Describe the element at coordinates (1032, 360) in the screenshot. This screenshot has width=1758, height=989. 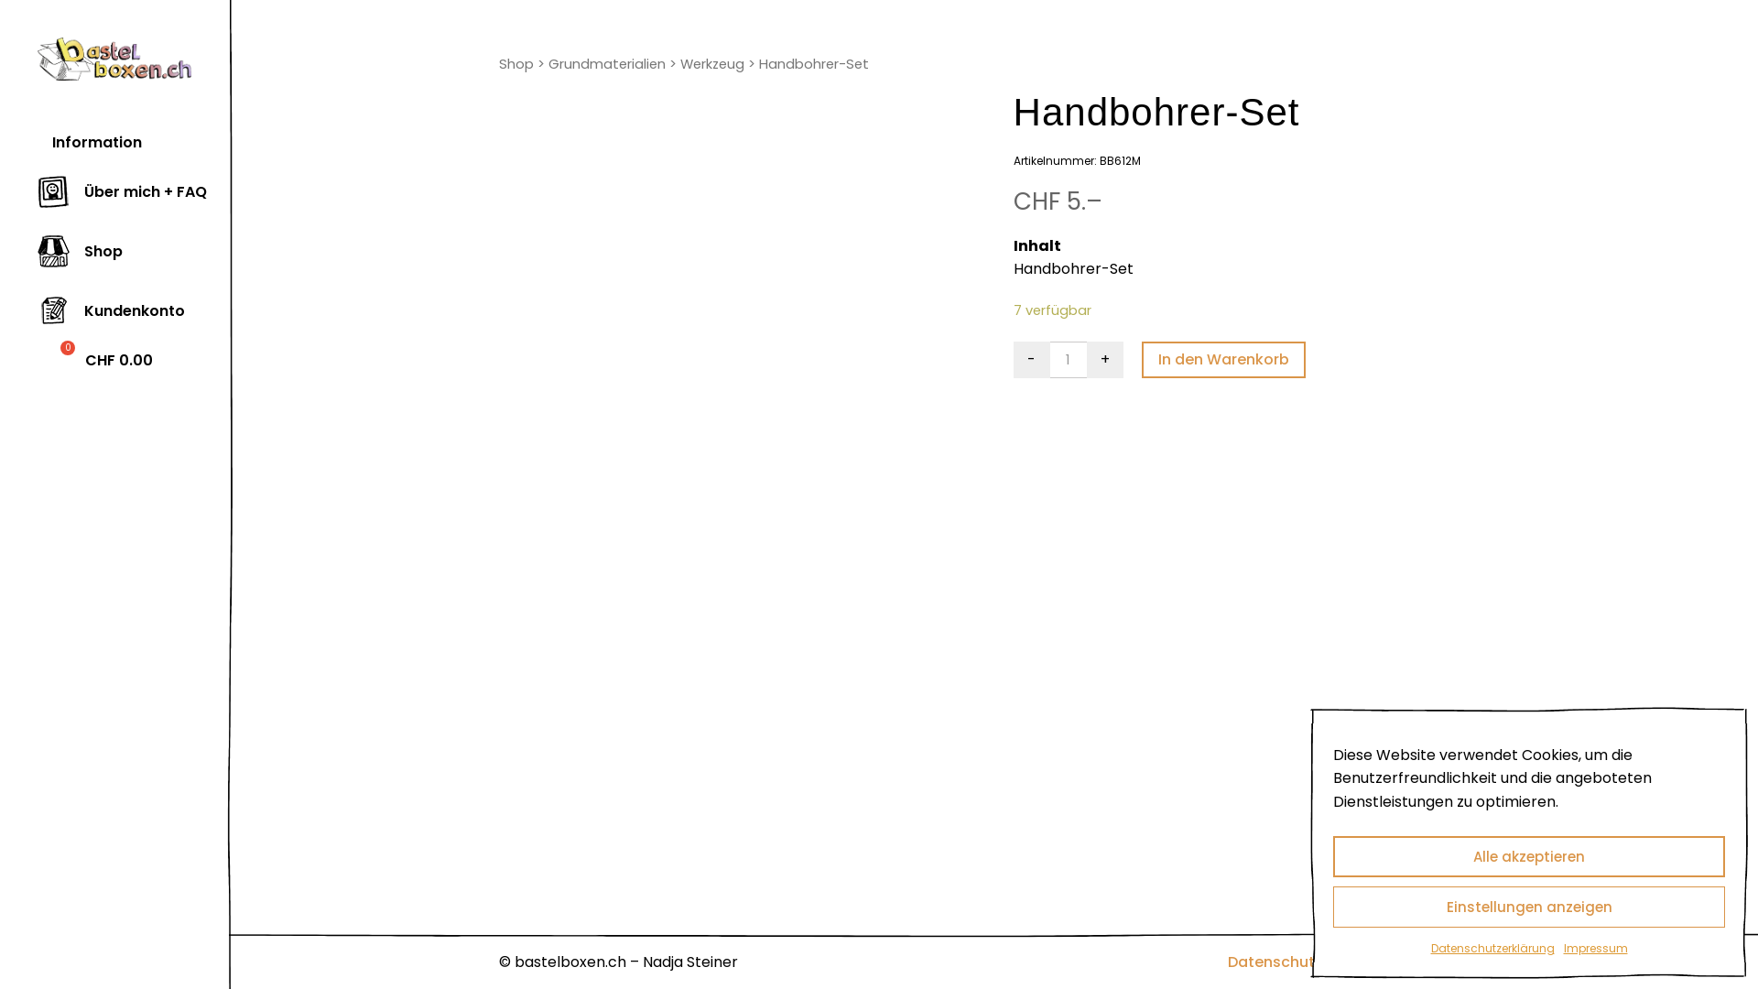
I see `'-'` at that location.